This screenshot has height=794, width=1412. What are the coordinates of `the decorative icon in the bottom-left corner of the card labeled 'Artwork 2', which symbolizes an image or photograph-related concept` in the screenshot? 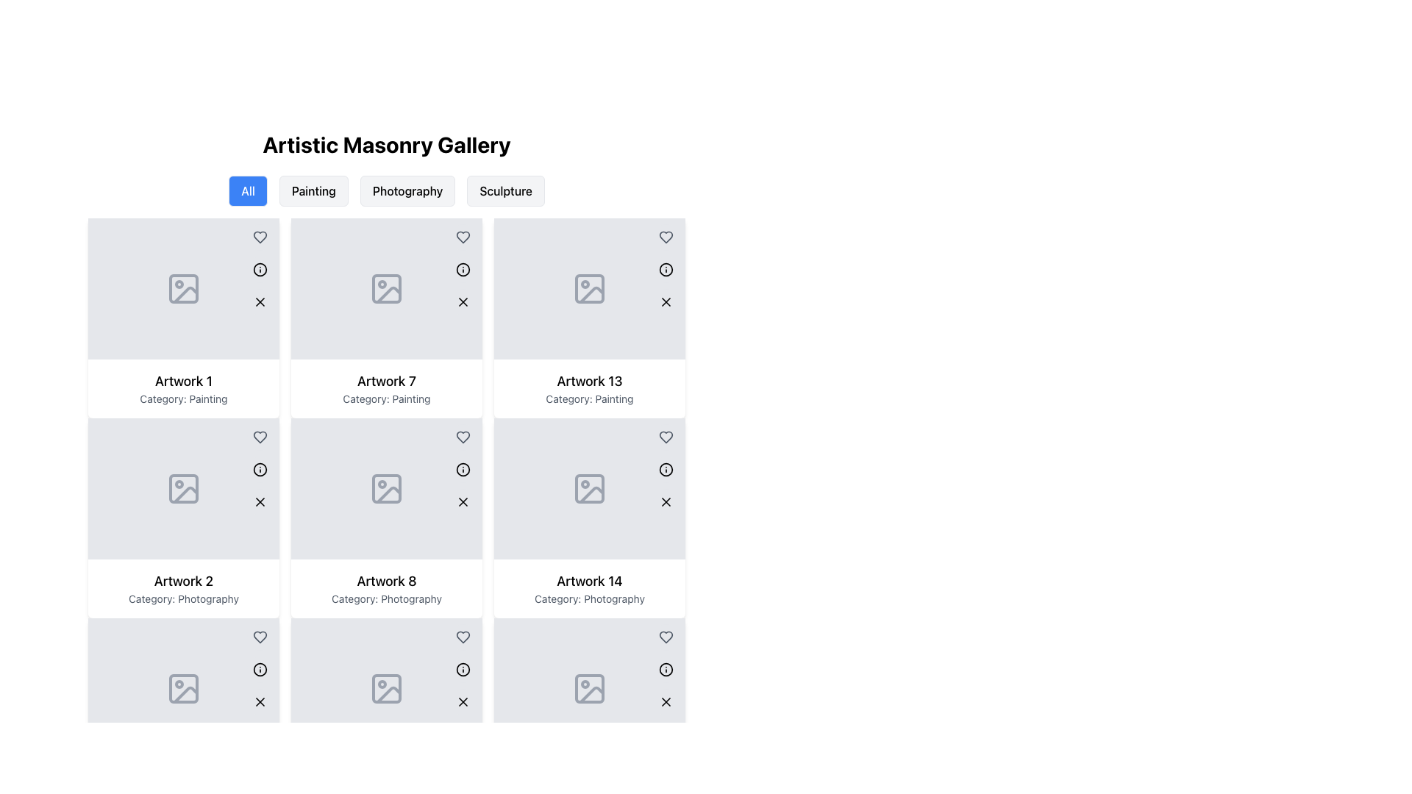 It's located at (185, 695).